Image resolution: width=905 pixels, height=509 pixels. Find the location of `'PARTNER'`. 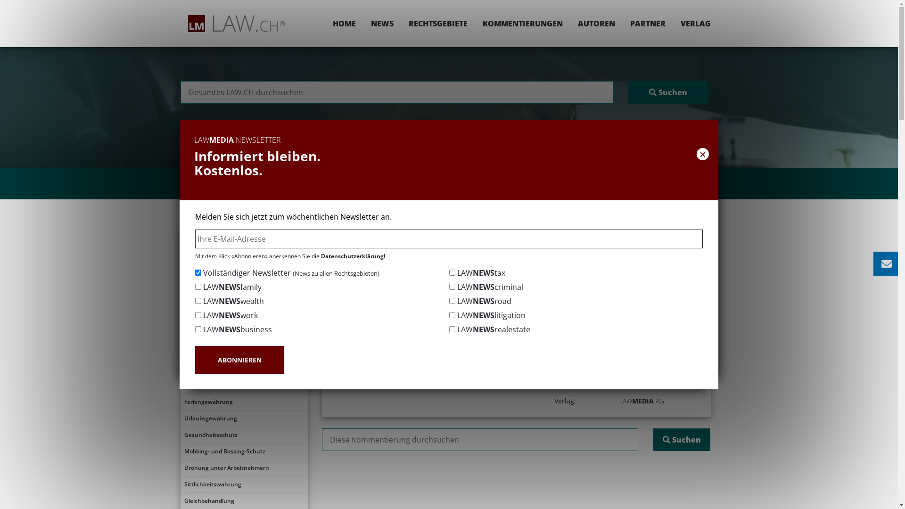

'PARTNER' is located at coordinates (622, 23).